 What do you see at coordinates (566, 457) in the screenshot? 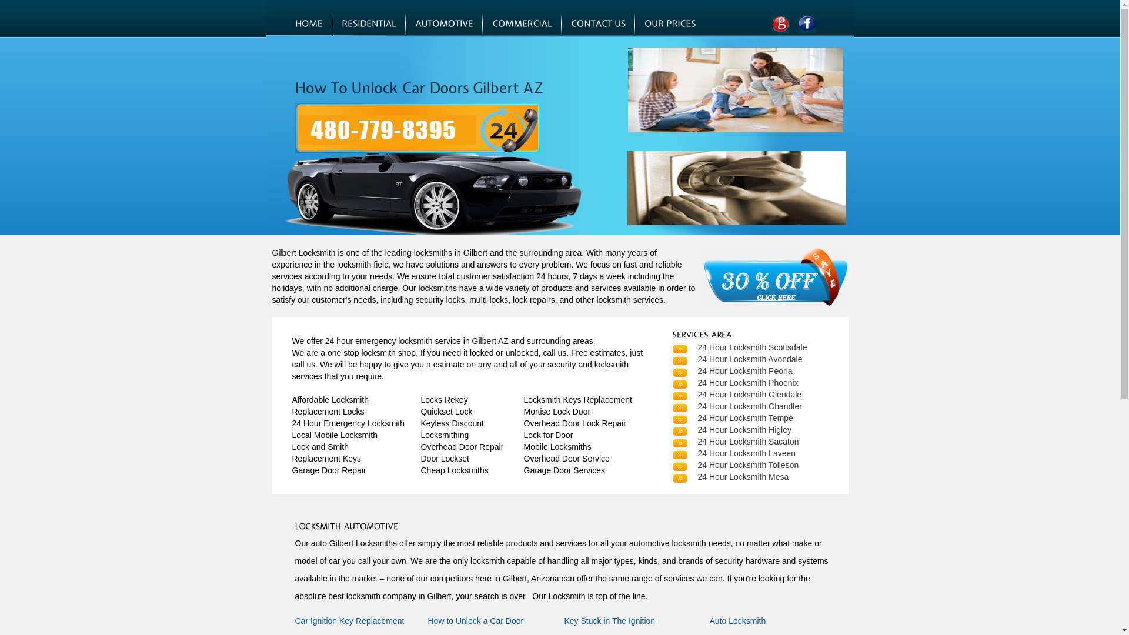
I see `'Overhead Door Service'` at bounding box center [566, 457].